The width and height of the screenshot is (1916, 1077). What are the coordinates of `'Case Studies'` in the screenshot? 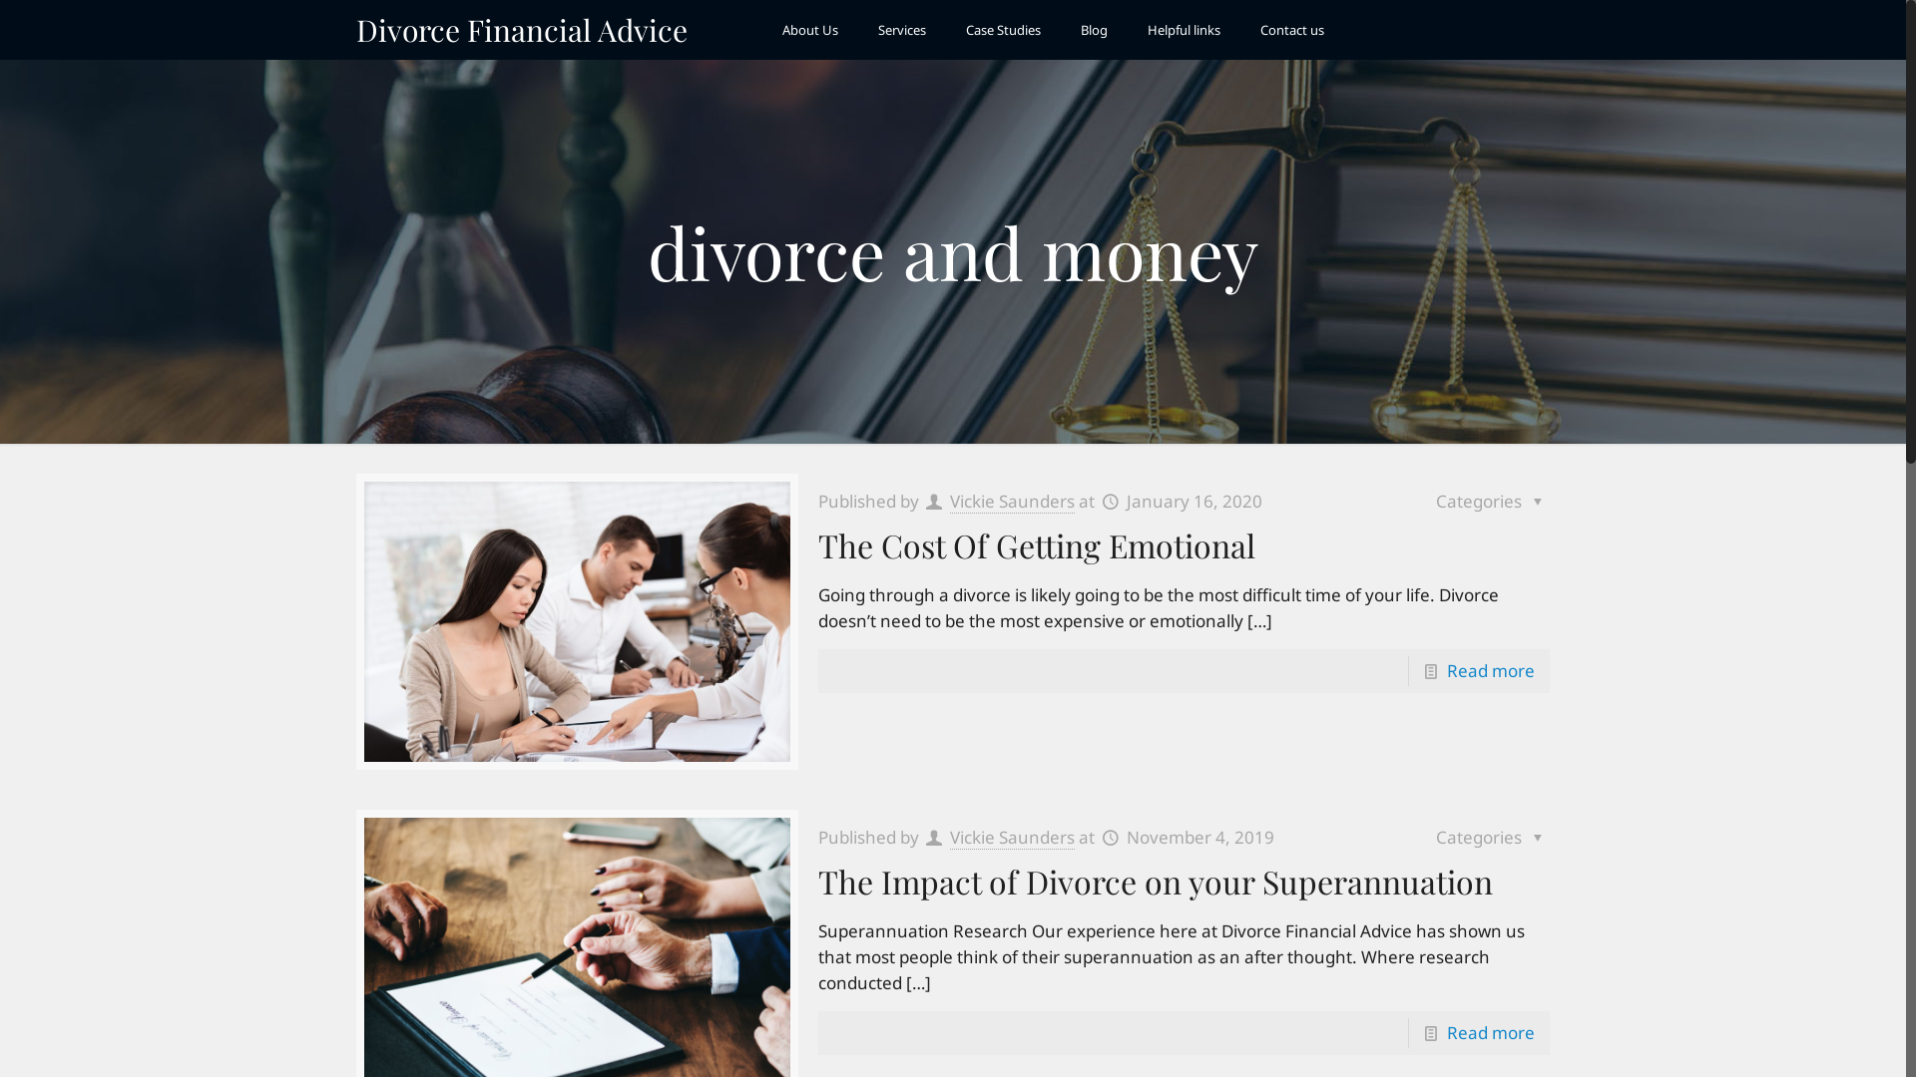 It's located at (694, 856).